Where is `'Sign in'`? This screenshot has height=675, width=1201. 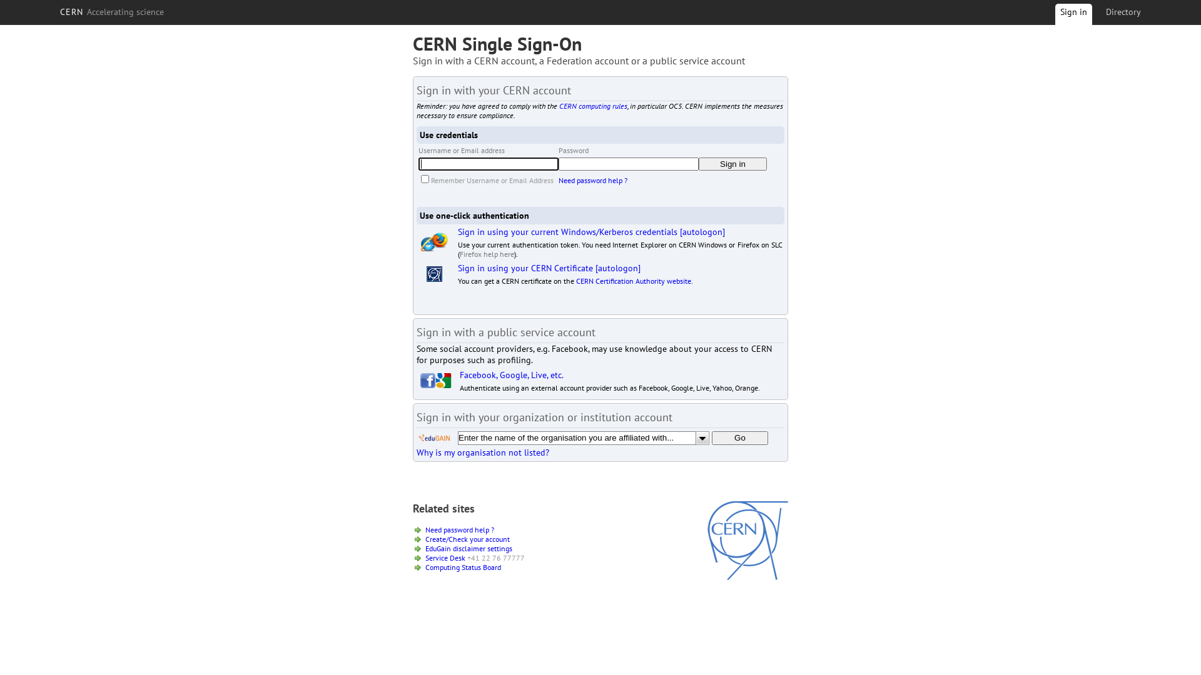
'Sign in' is located at coordinates (732, 163).